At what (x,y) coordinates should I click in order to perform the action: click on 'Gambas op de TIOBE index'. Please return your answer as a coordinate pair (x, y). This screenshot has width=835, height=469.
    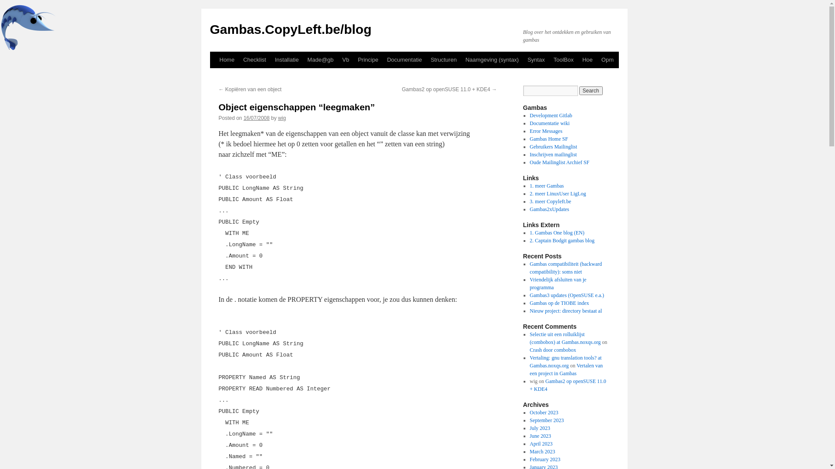
    Looking at the image, I should click on (559, 303).